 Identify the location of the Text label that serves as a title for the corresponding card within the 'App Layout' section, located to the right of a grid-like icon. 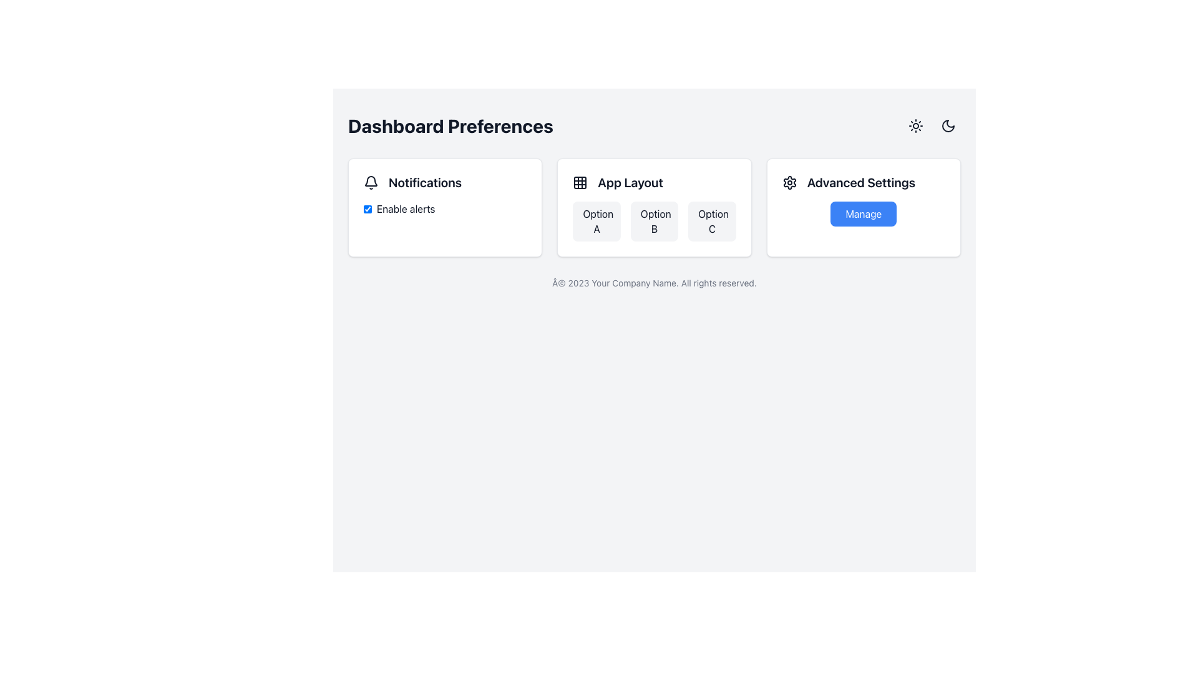
(630, 183).